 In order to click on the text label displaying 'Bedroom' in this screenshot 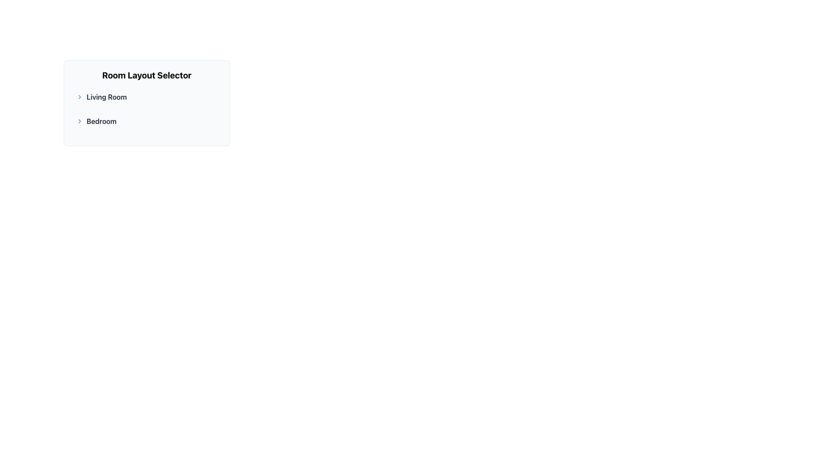, I will do `click(101, 121)`.